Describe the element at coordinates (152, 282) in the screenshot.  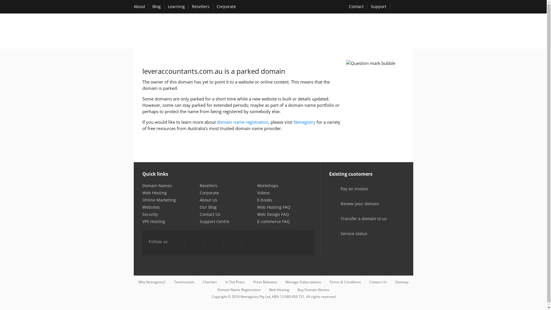
I see `'Why Netregistry?'` at that location.